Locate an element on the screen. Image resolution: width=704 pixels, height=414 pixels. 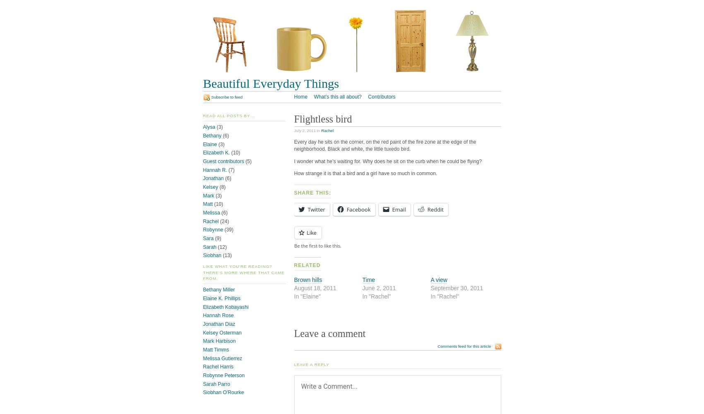
'Share this:' is located at coordinates (312, 192).